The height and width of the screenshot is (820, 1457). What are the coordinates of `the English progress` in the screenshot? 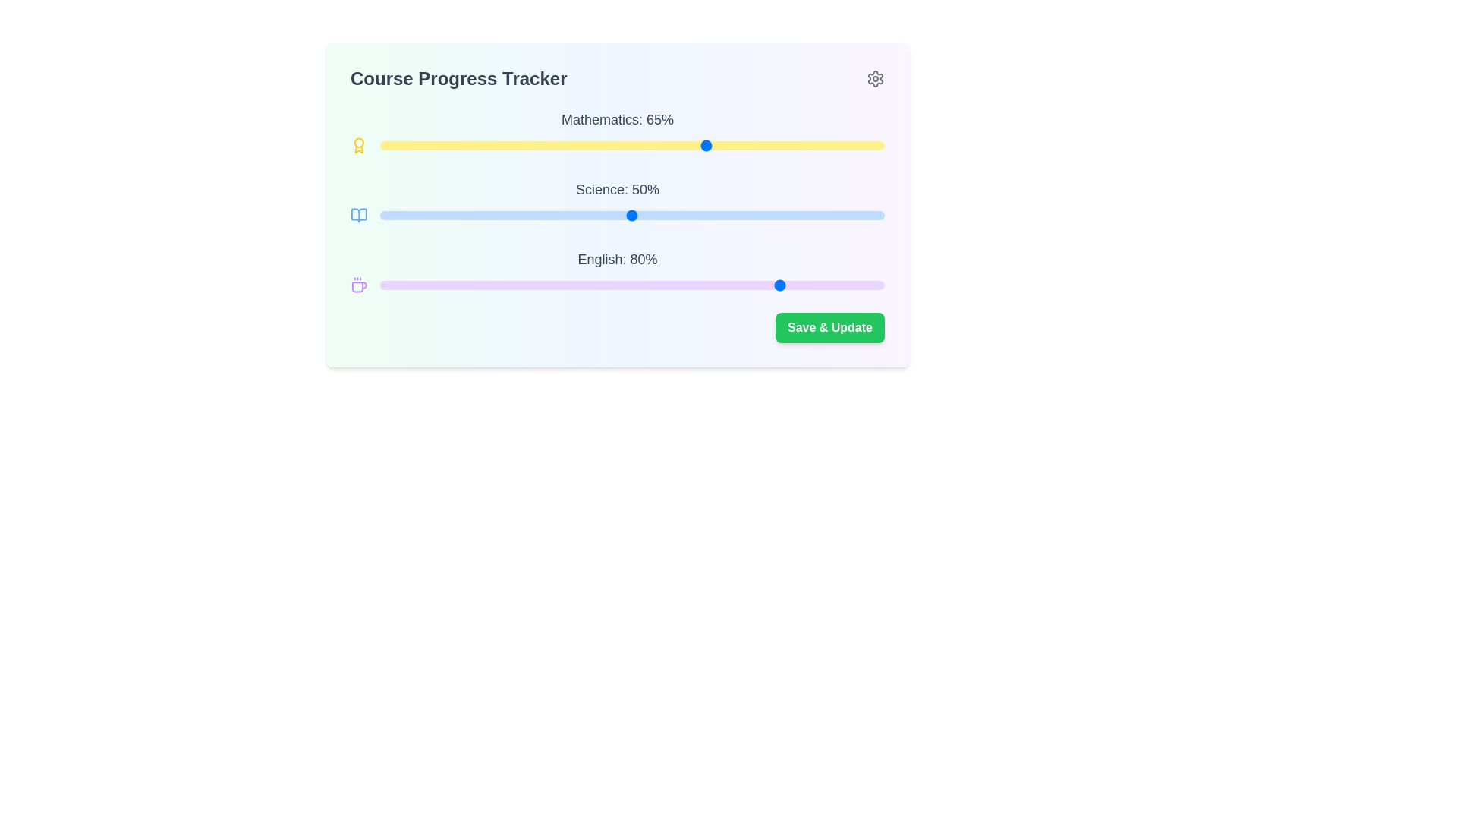 It's located at (848, 285).